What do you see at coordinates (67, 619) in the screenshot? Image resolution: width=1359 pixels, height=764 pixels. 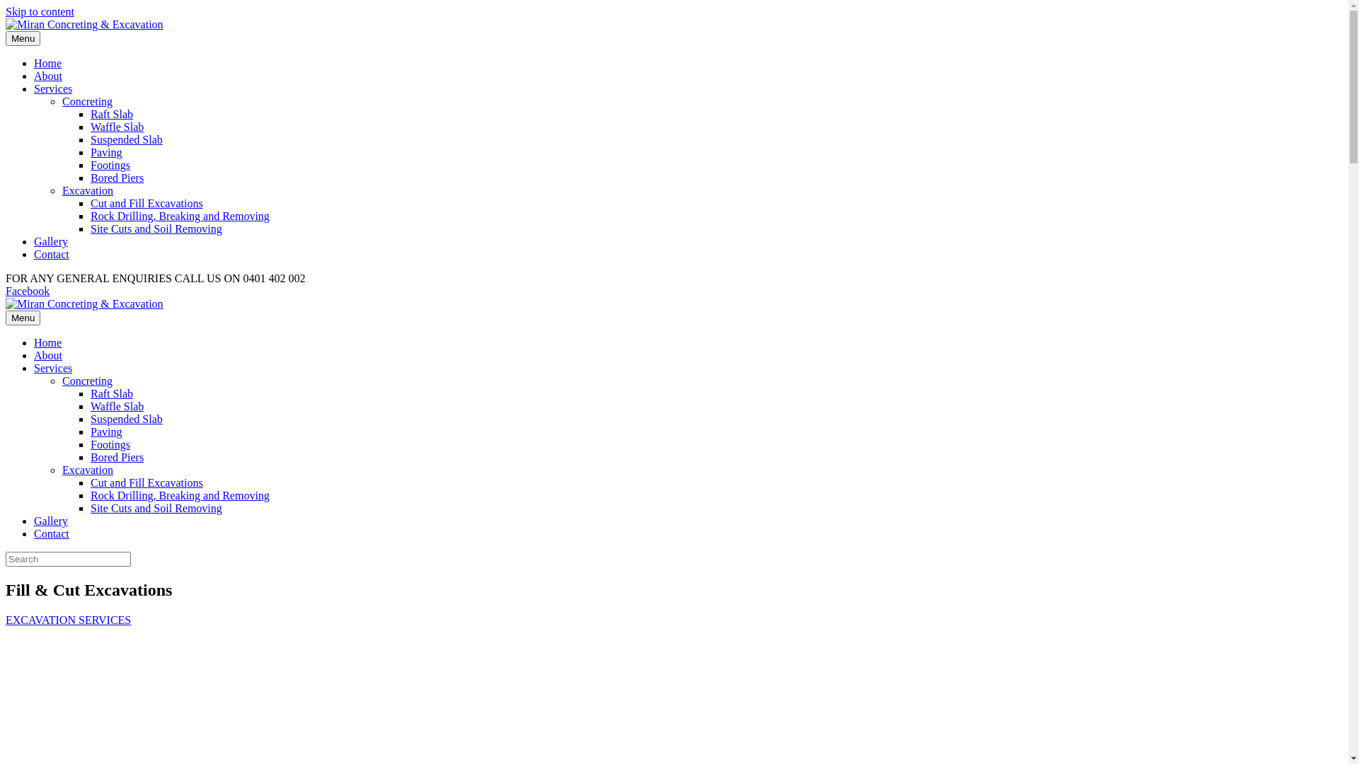 I see `'EXCAVATION SERVICES'` at bounding box center [67, 619].